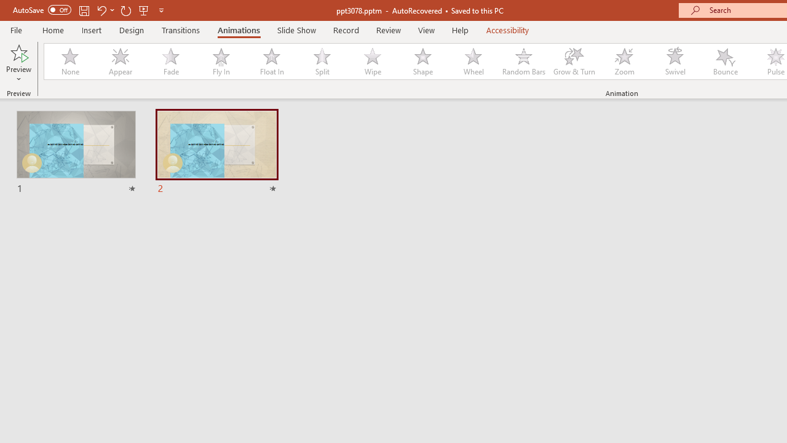 This screenshot has width=787, height=443. I want to click on 'Split', so click(322, 62).